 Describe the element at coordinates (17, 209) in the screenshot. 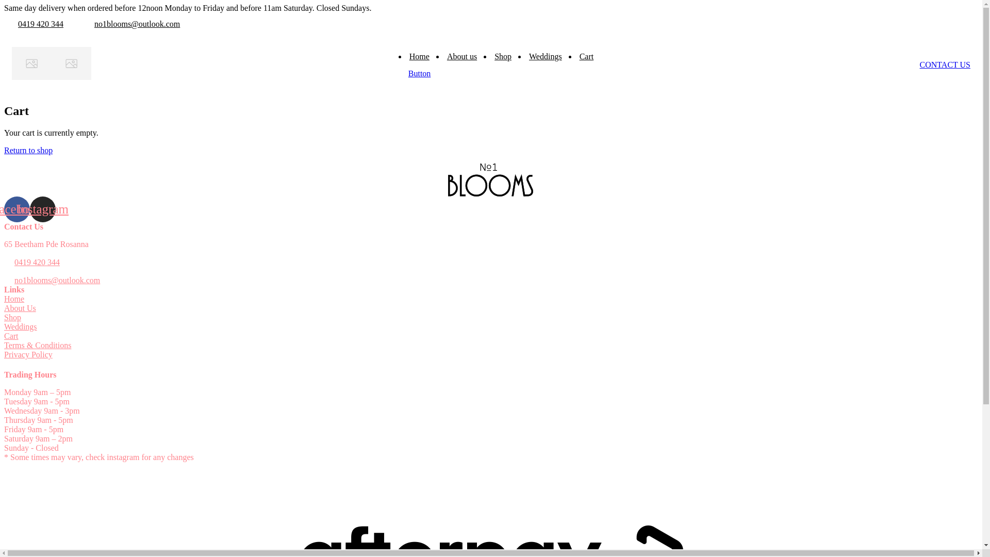

I see `'Facebook'` at that location.